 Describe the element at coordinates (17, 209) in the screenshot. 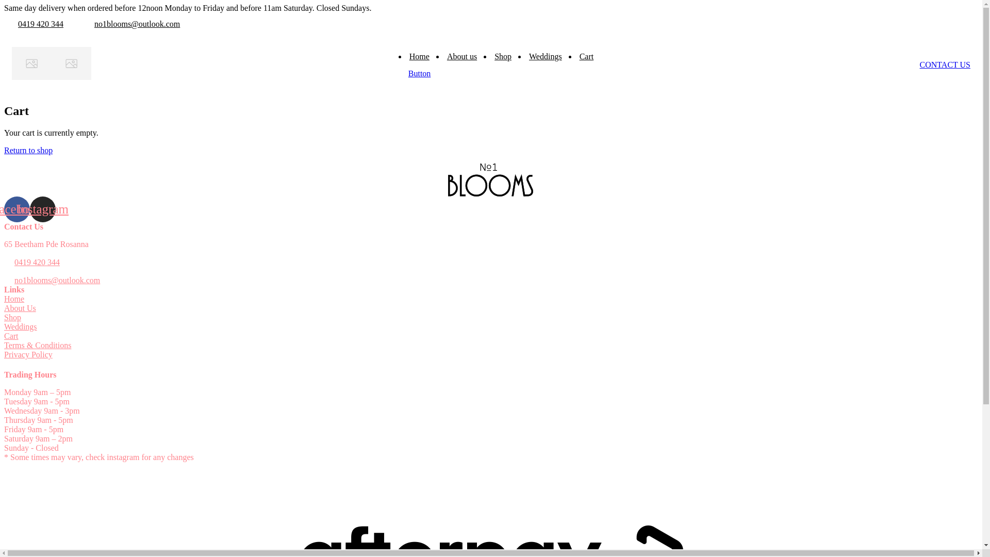

I see `'Facebook'` at that location.